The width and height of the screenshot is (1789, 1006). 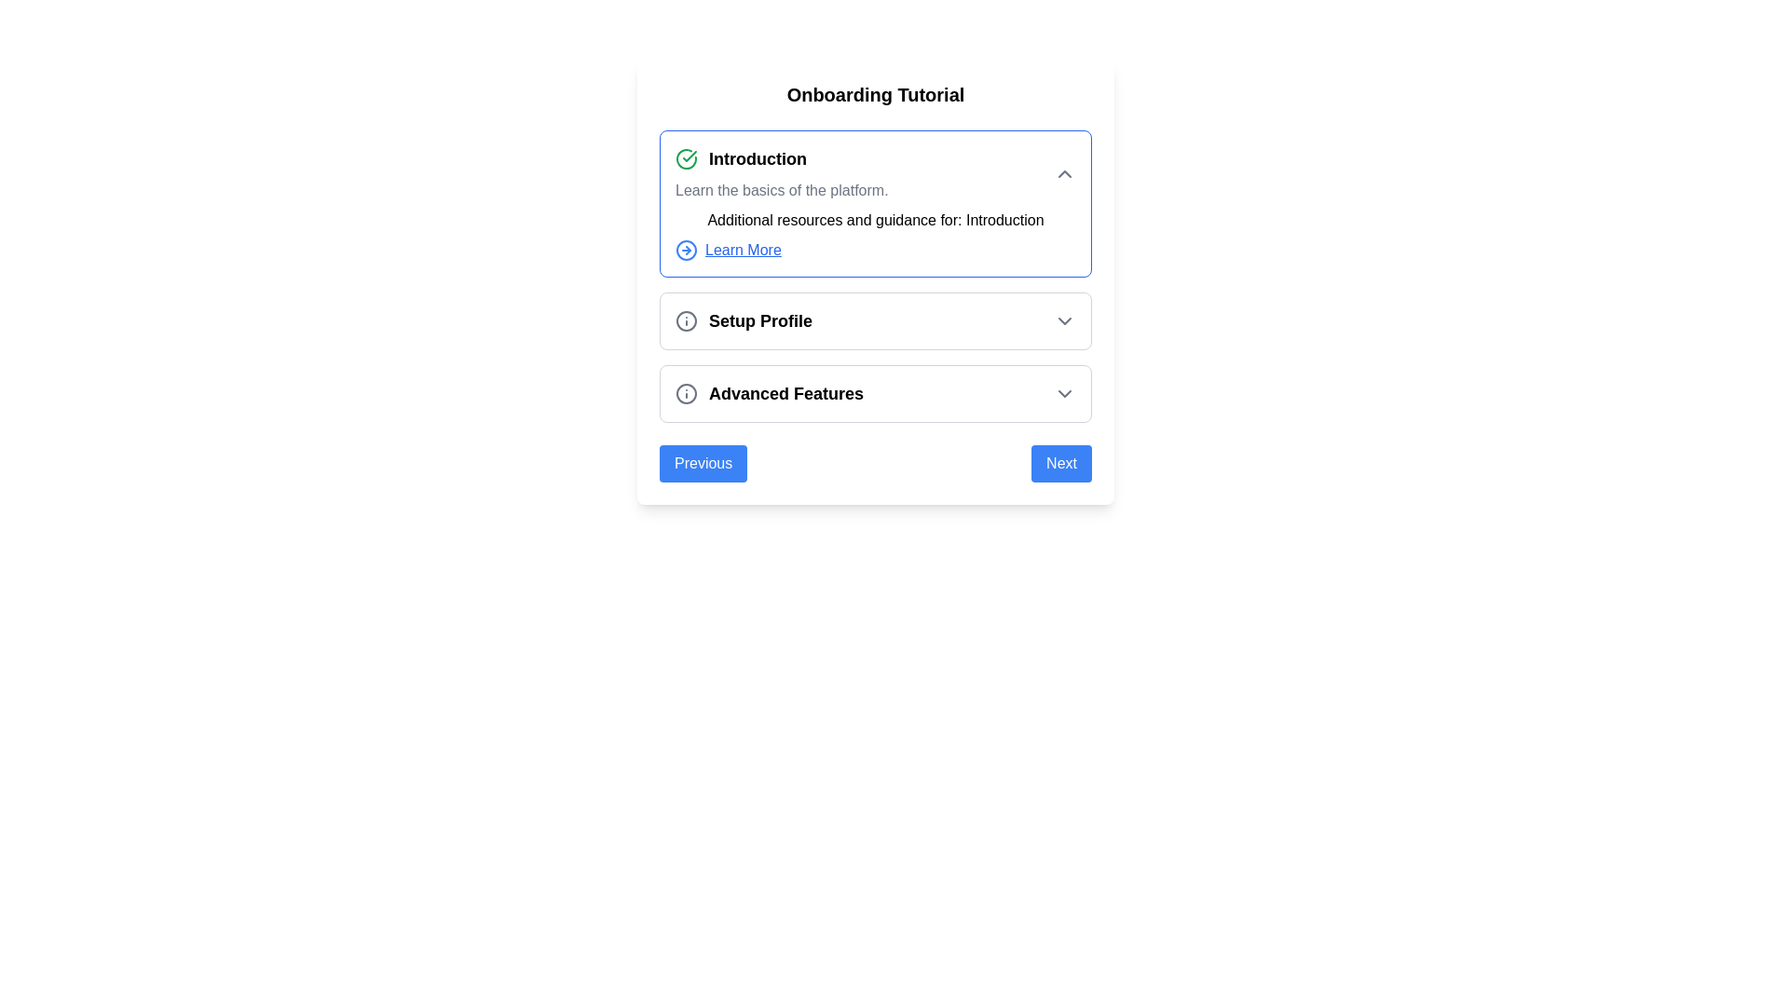 What do you see at coordinates (782, 190) in the screenshot?
I see `the static text label providing context for the 'Introduction' section, which is positioned beneath the bolded header and above the 'Learn More' link` at bounding box center [782, 190].